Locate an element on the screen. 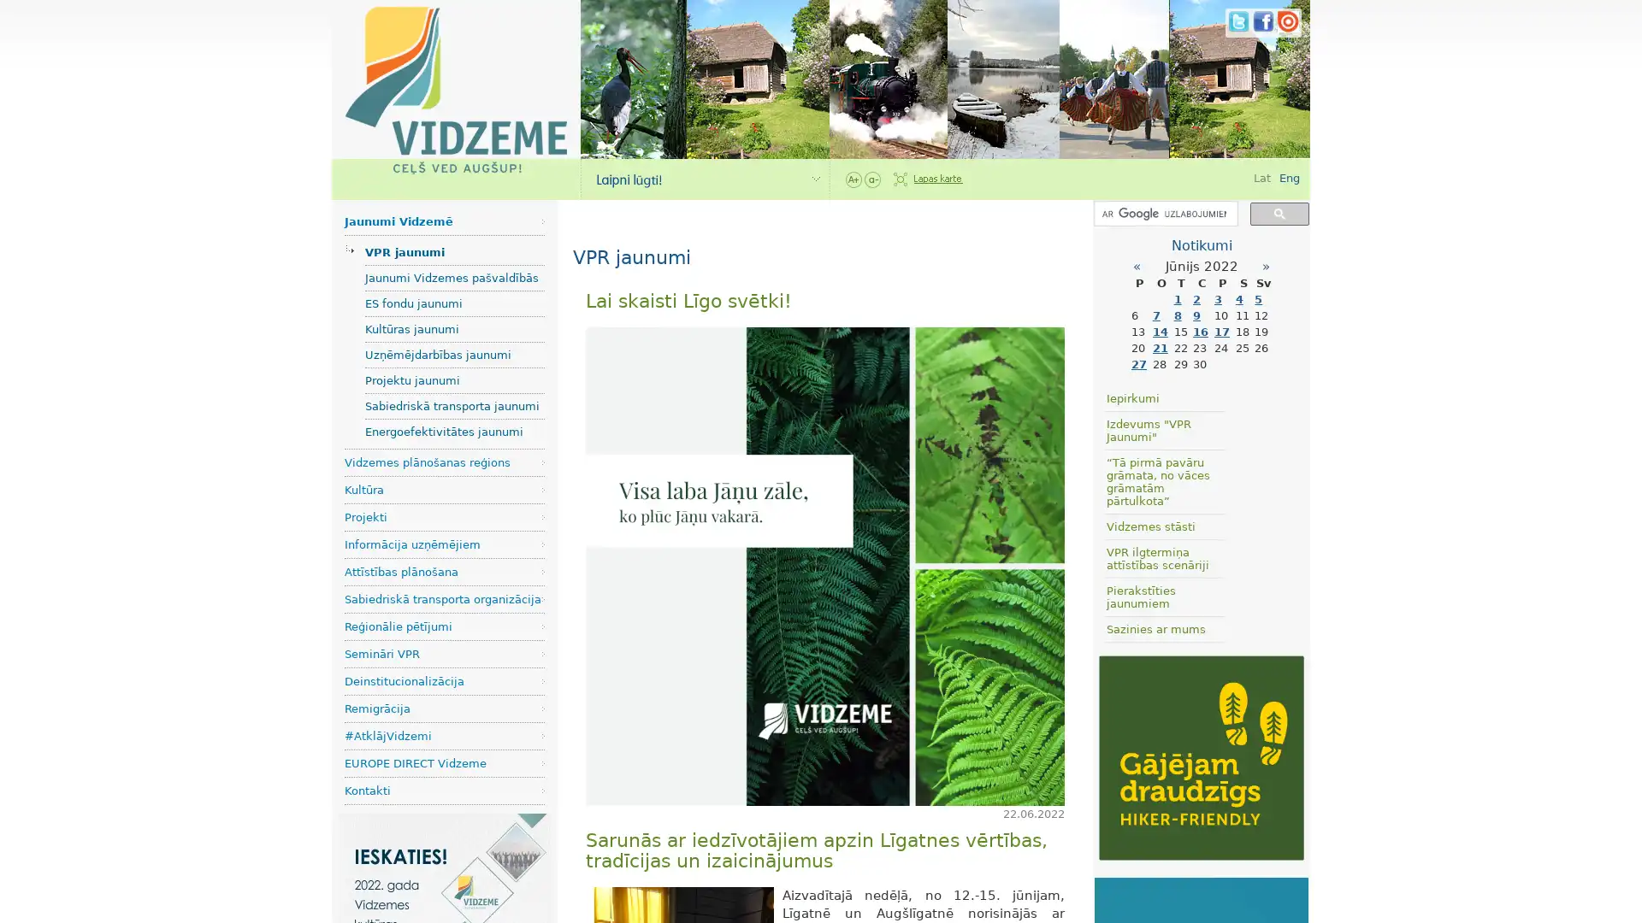 The height and width of the screenshot is (923, 1642). meklet is located at coordinates (1279, 212).